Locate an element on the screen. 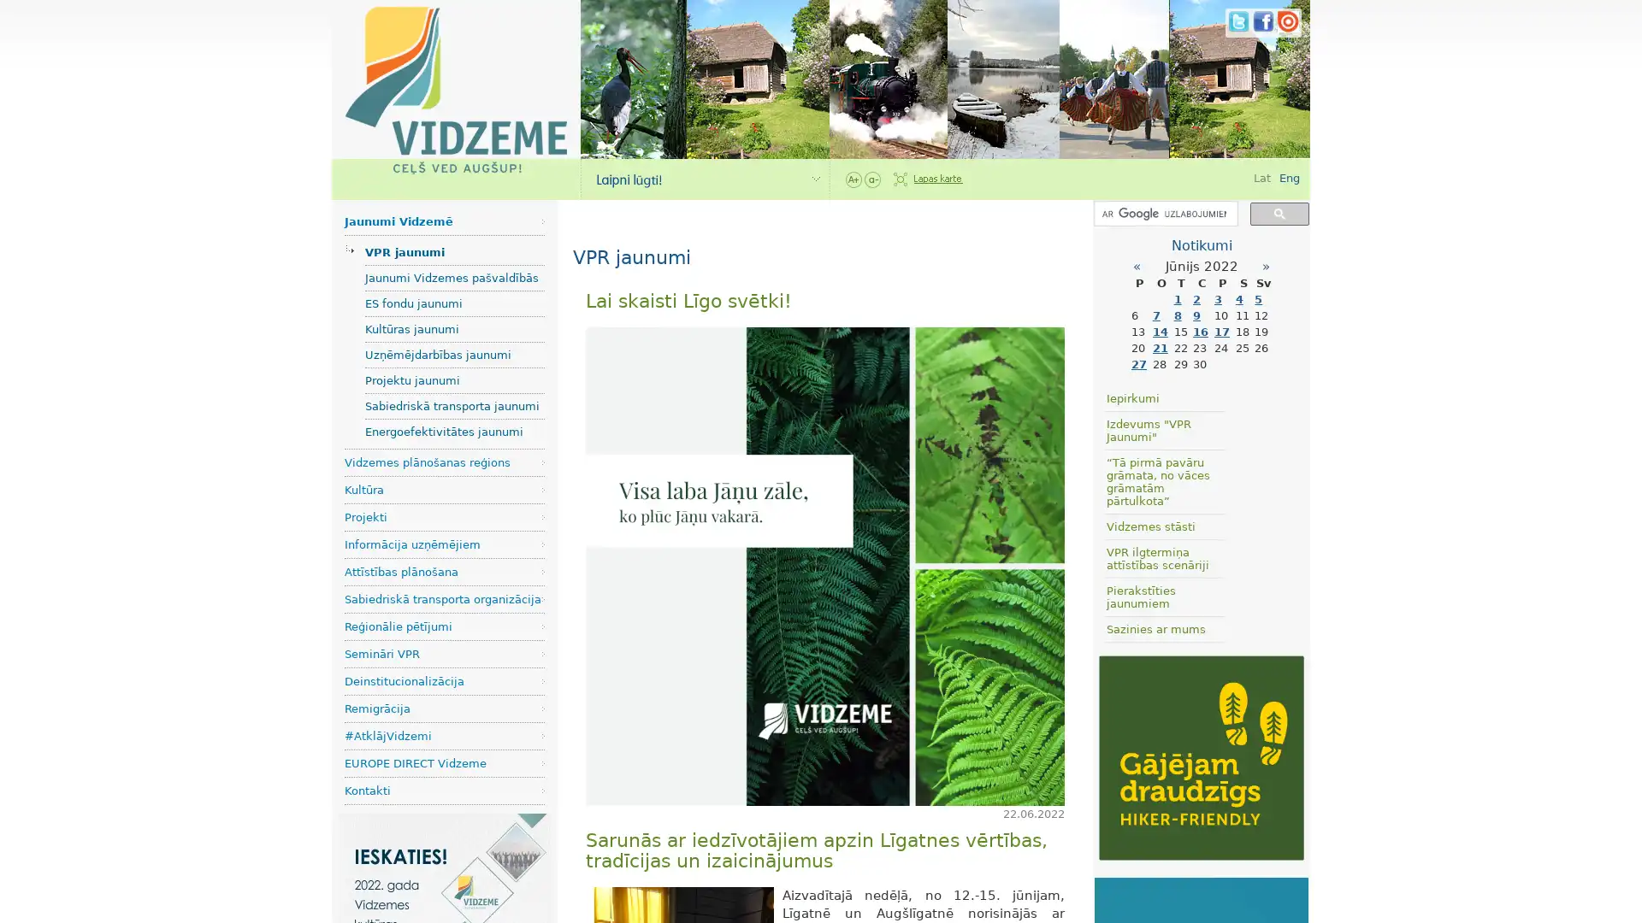 The height and width of the screenshot is (923, 1642). meklet is located at coordinates (1279, 212).